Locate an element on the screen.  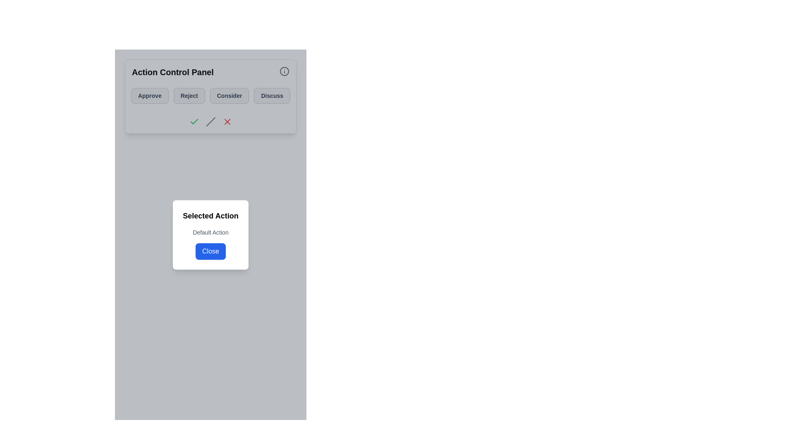
the 'Reject' button, which is a rounded rectangular button with a light gray background and bold text, positioned in the upper section of the interface is located at coordinates (189, 95).